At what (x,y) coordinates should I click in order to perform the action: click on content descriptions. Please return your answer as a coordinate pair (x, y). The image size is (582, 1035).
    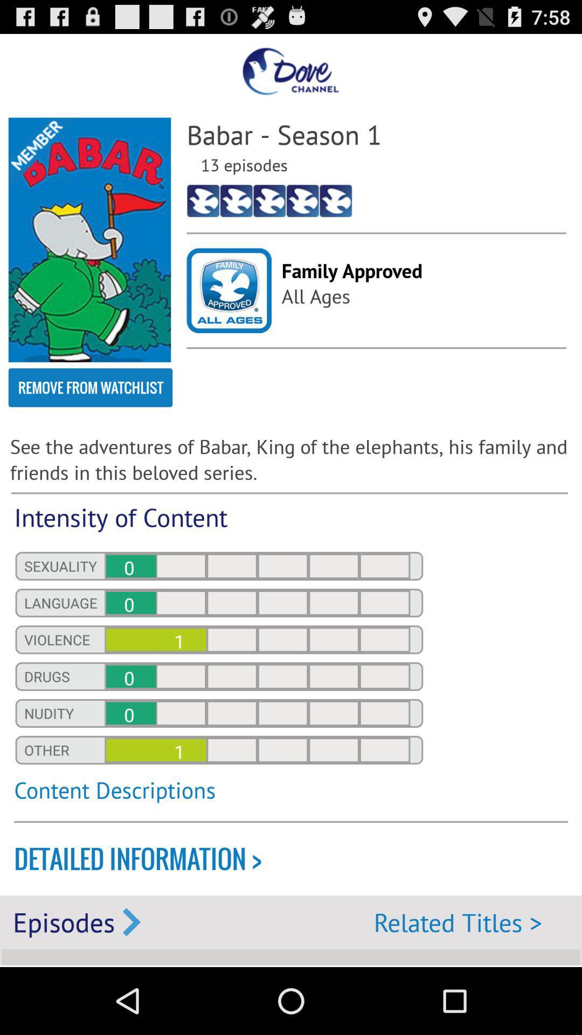
    Looking at the image, I should click on (218, 796).